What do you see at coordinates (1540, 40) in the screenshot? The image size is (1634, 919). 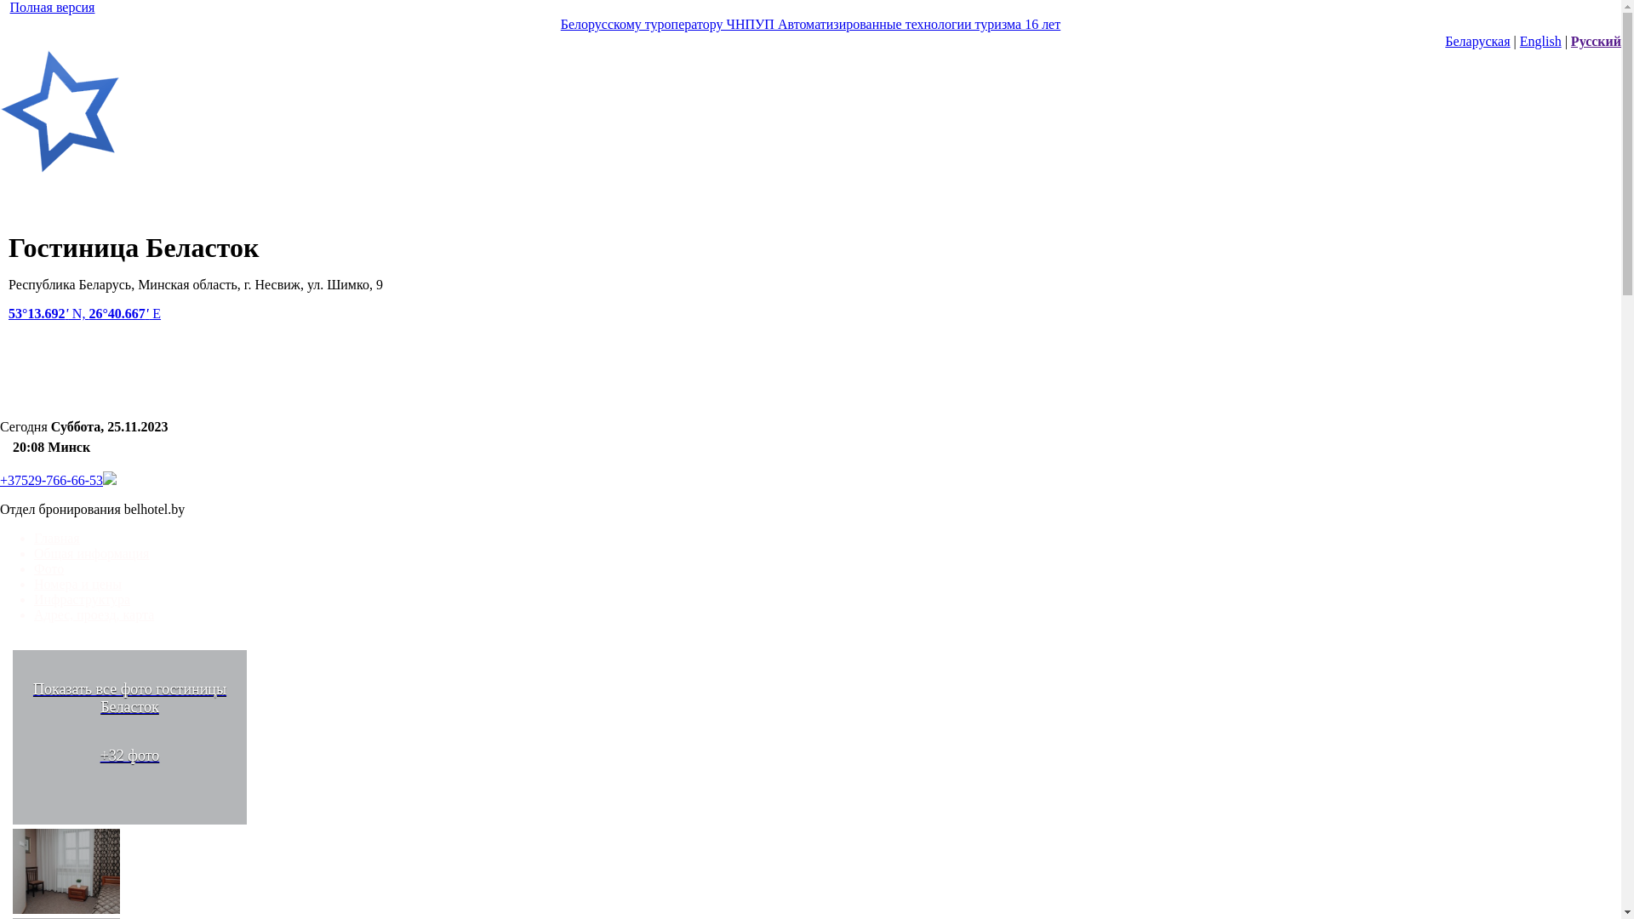 I see `'English'` at bounding box center [1540, 40].